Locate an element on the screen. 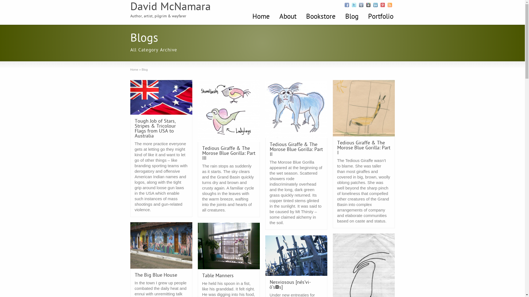 Image resolution: width=529 pixels, height=297 pixels. 'About' is located at coordinates (287, 17).